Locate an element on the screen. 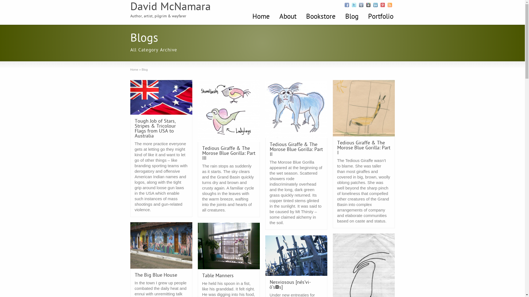 Image resolution: width=529 pixels, height=297 pixels. 'About' is located at coordinates (287, 17).